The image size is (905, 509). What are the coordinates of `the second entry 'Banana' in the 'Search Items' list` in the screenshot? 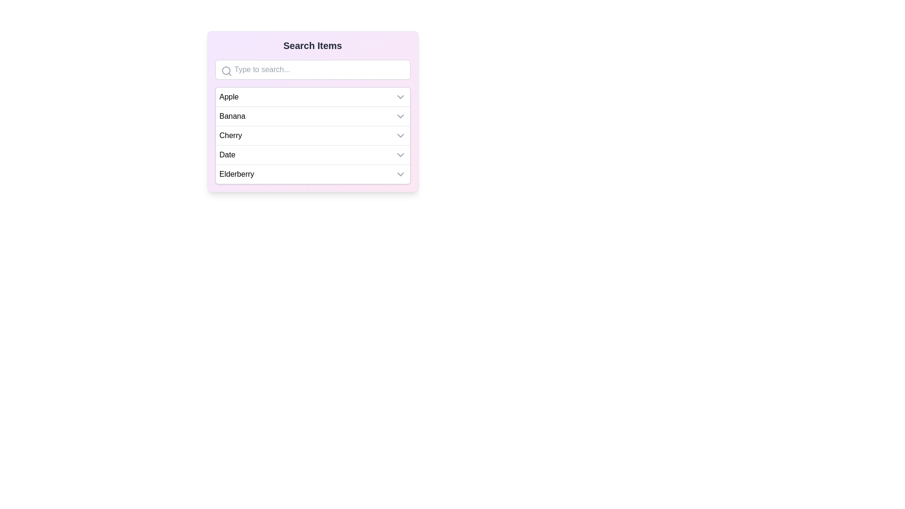 It's located at (313, 111).